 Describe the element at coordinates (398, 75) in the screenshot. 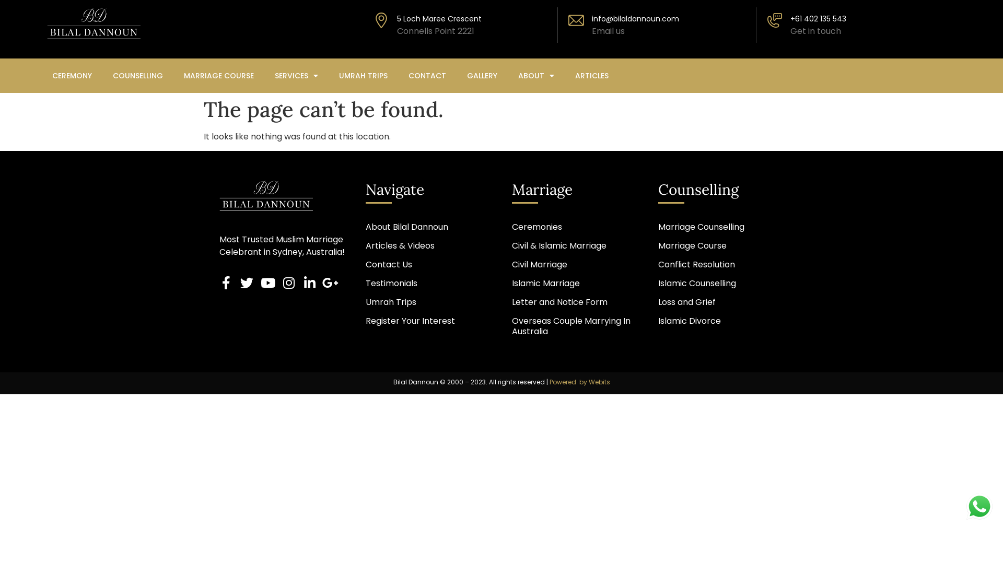

I see `'CONTACT'` at that location.